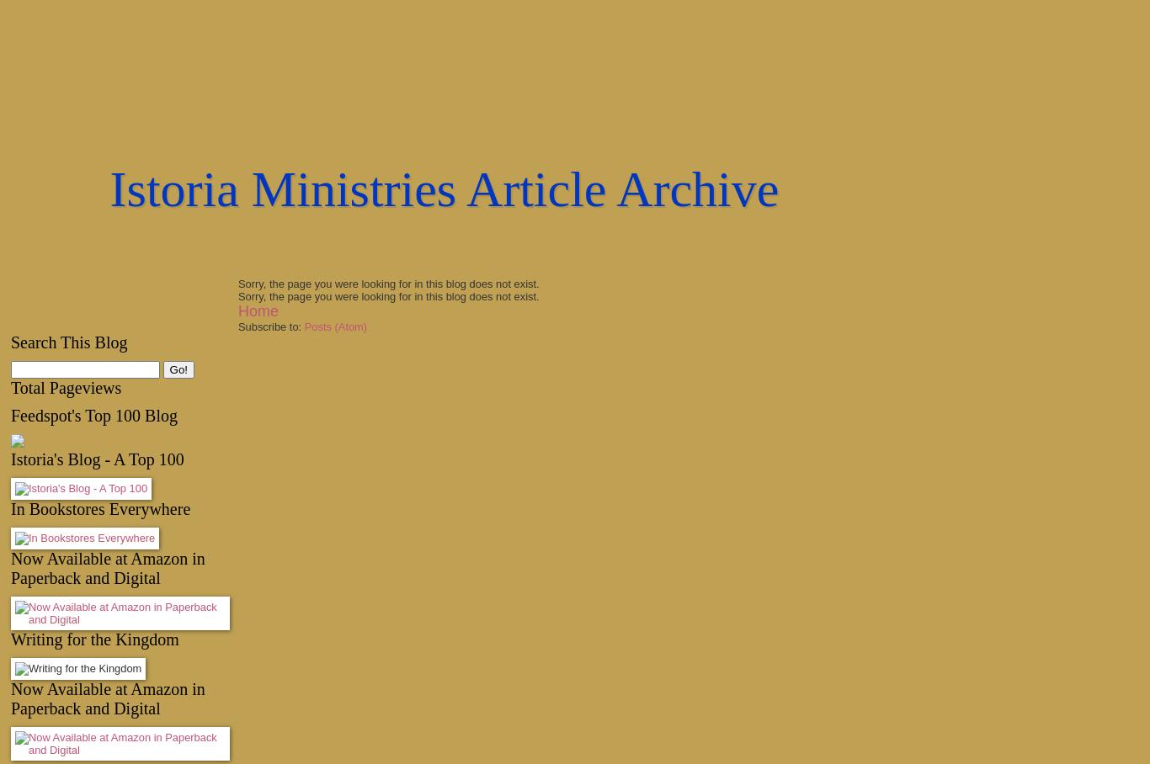 The image size is (1150, 764). I want to click on 'Writing for the Kingdom', so click(94, 638).